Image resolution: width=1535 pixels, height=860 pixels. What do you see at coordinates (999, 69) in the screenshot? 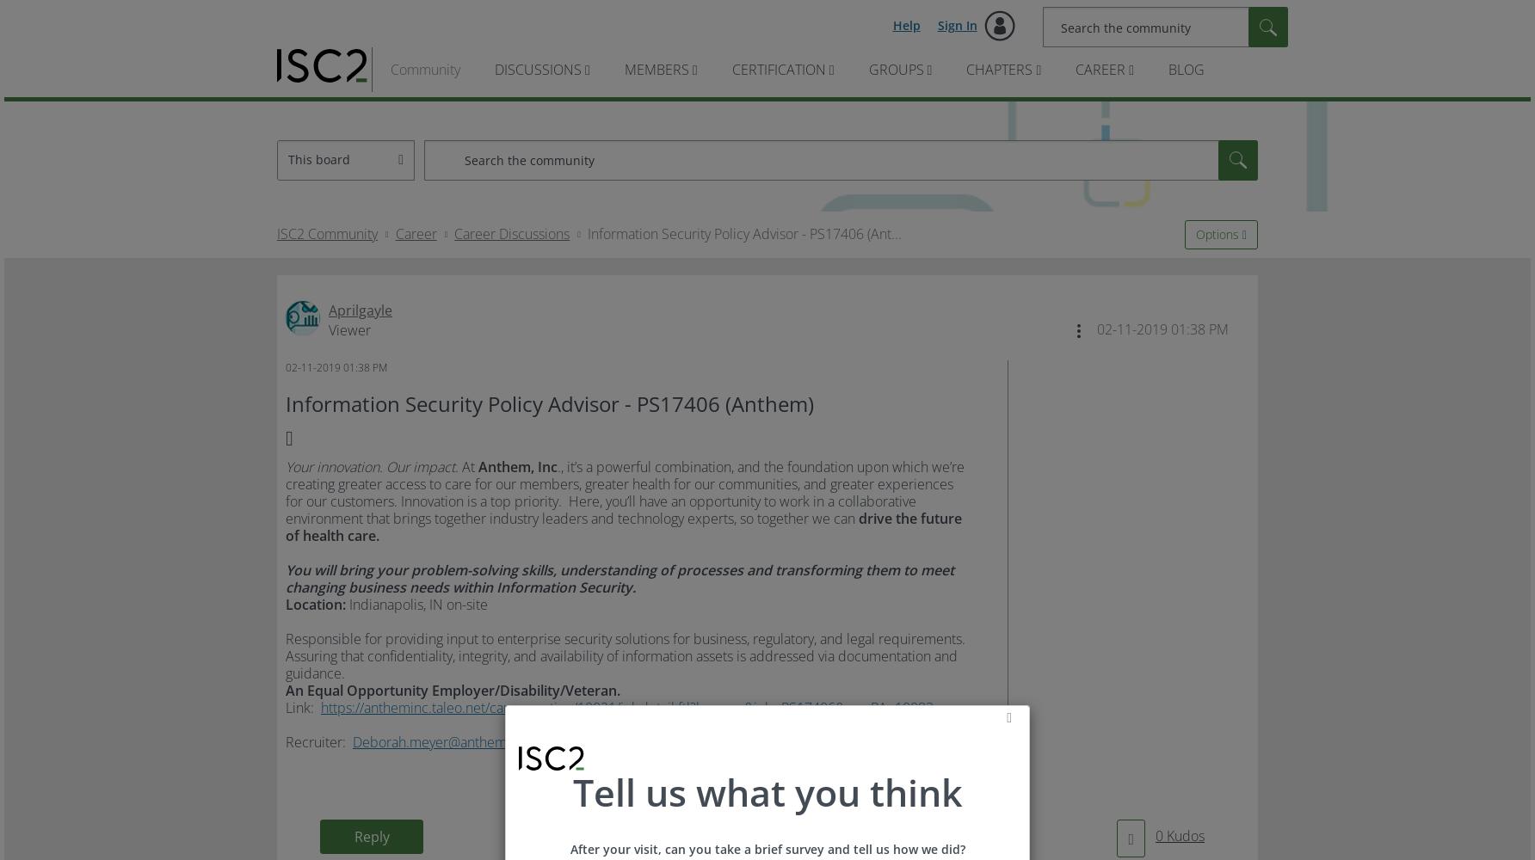
I see `'Chapters'` at bounding box center [999, 69].